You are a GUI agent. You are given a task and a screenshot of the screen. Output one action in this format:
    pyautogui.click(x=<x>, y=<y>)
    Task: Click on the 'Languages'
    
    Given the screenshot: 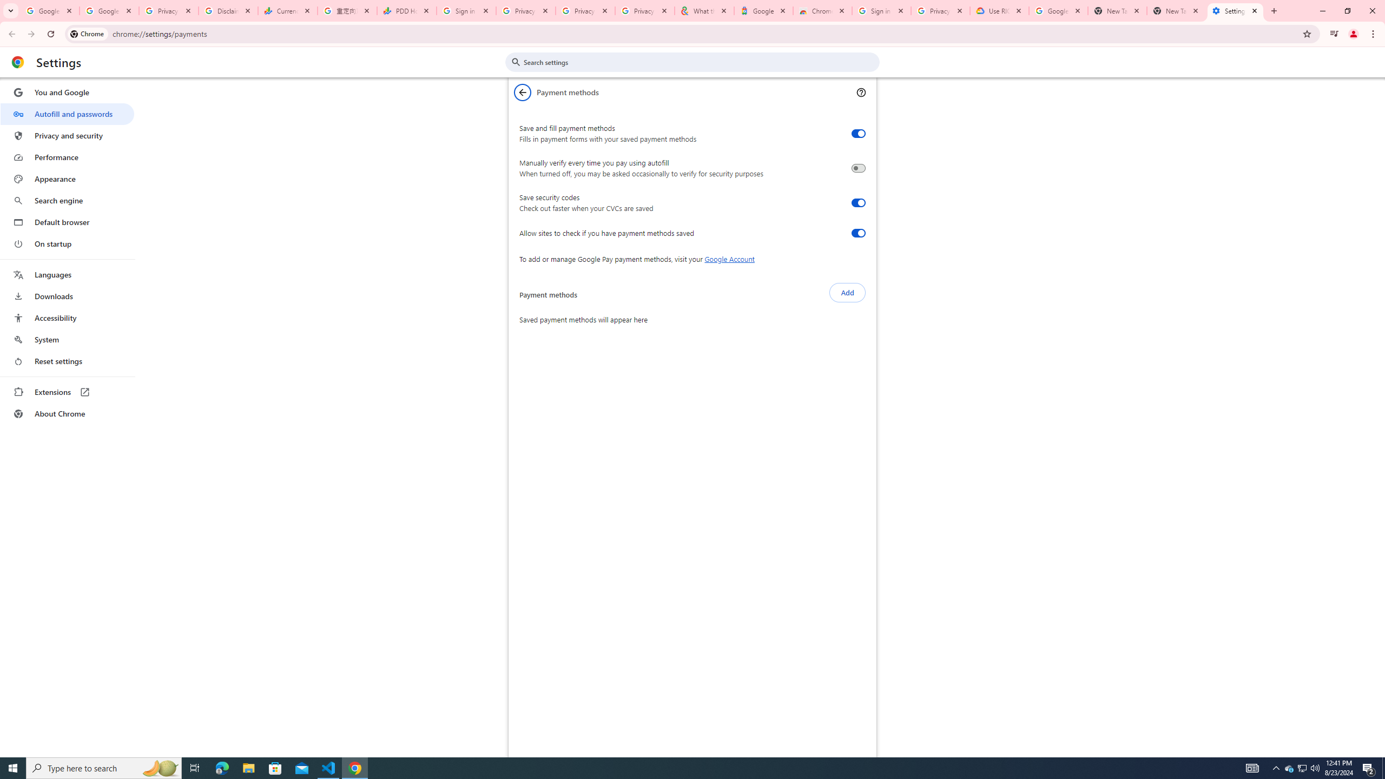 What is the action you would take?
    pyautogui.click(x=67, y=275)
    